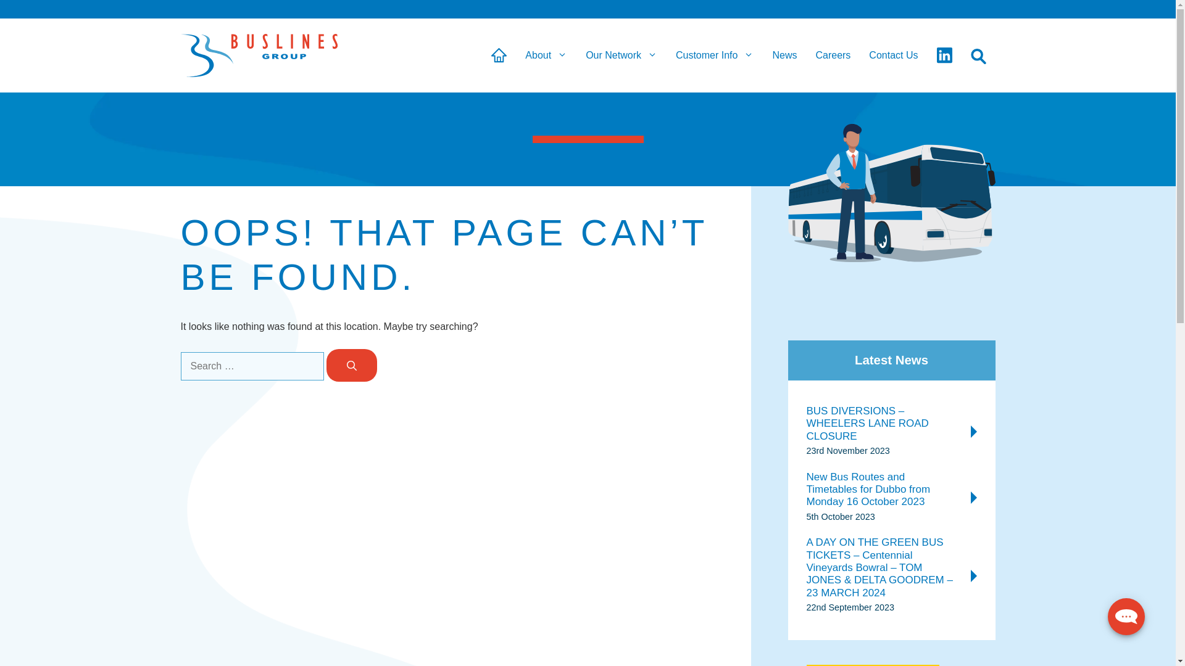 Image resolution: width=1185 pixels, height=666 pixels. Describe the element at coordinates (622, 54) in the screenshot. I see `'Our Network'` at that location.